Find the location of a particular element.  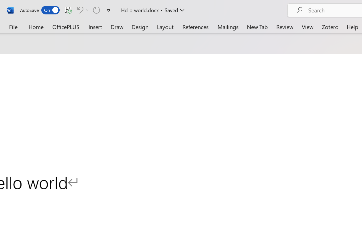

'Draw' is located at coordinates (117, 27).